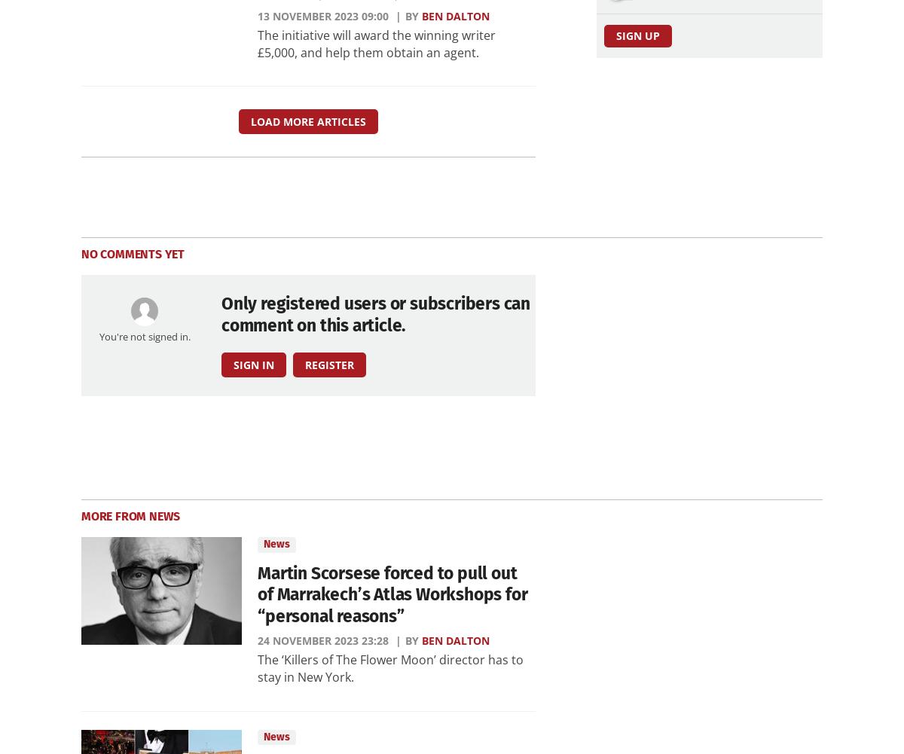 The width and height of the screenshot is (904, 754). What do you see at coordinates (374, 314) in the screenshot?
I see `'Only registered users or subscribers can comment on this article.'` at bounding box center [374, 314].